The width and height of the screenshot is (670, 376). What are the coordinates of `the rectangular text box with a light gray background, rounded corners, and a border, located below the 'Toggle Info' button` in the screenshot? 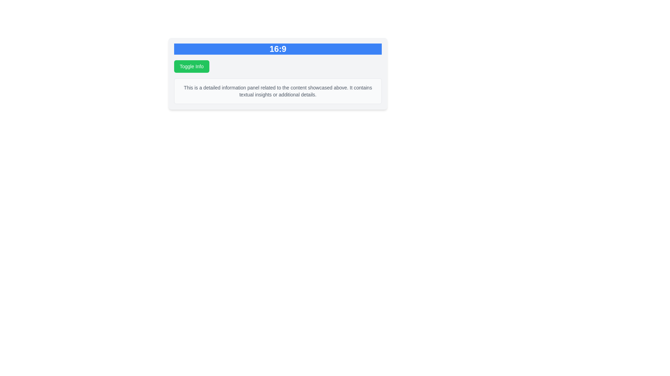 It's located at (277, 91).